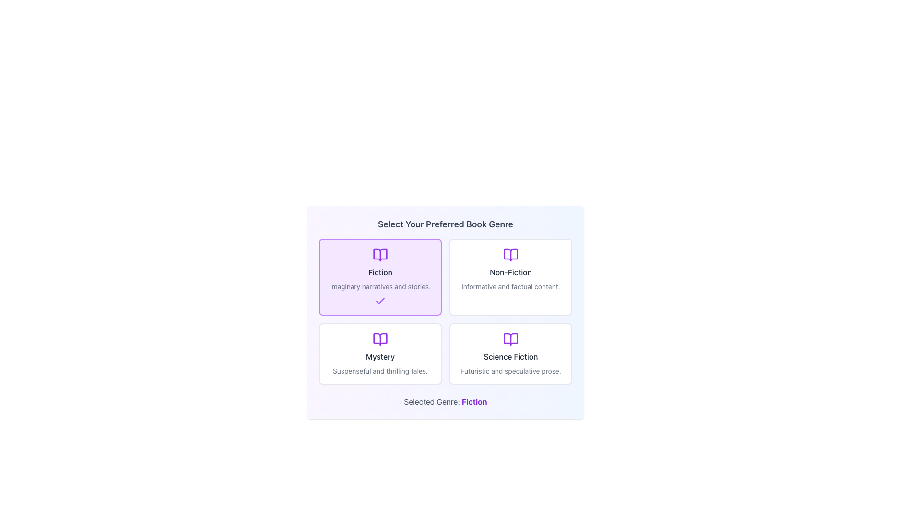 Image resolution: width=921 pixels, height=518 pixels. Describe the element at coordinates (510, 371) in the screenshot. I see `the static text element that describes the 'Science Fiction' genre, which summarizes its theme with the phrase 'Futuristic and speculative prose.'` at that location.